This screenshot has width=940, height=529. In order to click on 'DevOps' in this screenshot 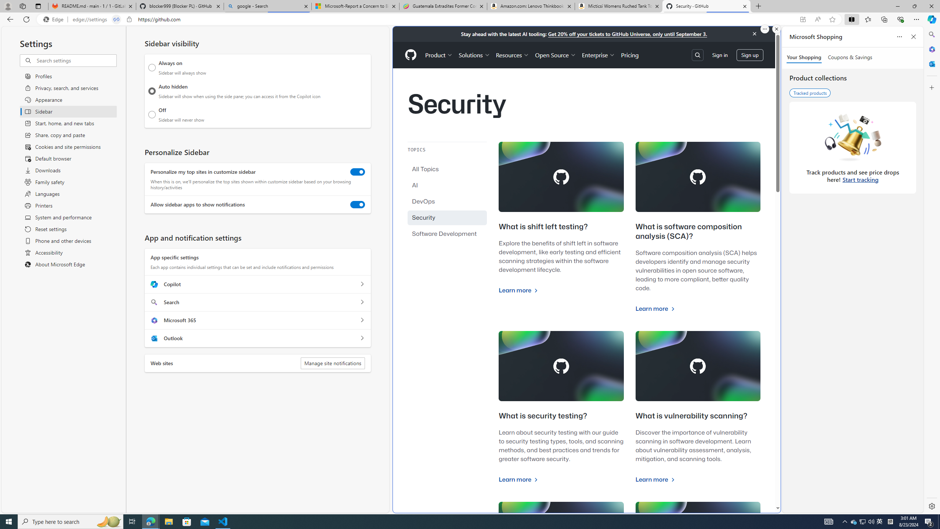, I will do `click(447, 201)`.